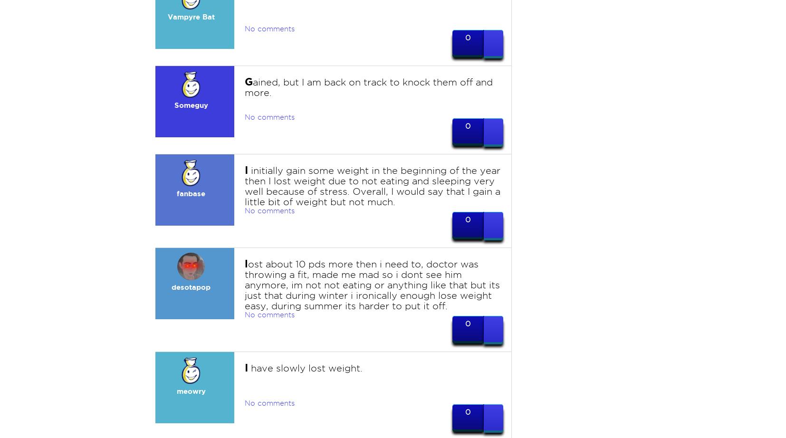 This screenshot has height=438, width=786. Describe the element at coordinates (190, 287) in the screenshot. I see `'desotapop'` at that location.